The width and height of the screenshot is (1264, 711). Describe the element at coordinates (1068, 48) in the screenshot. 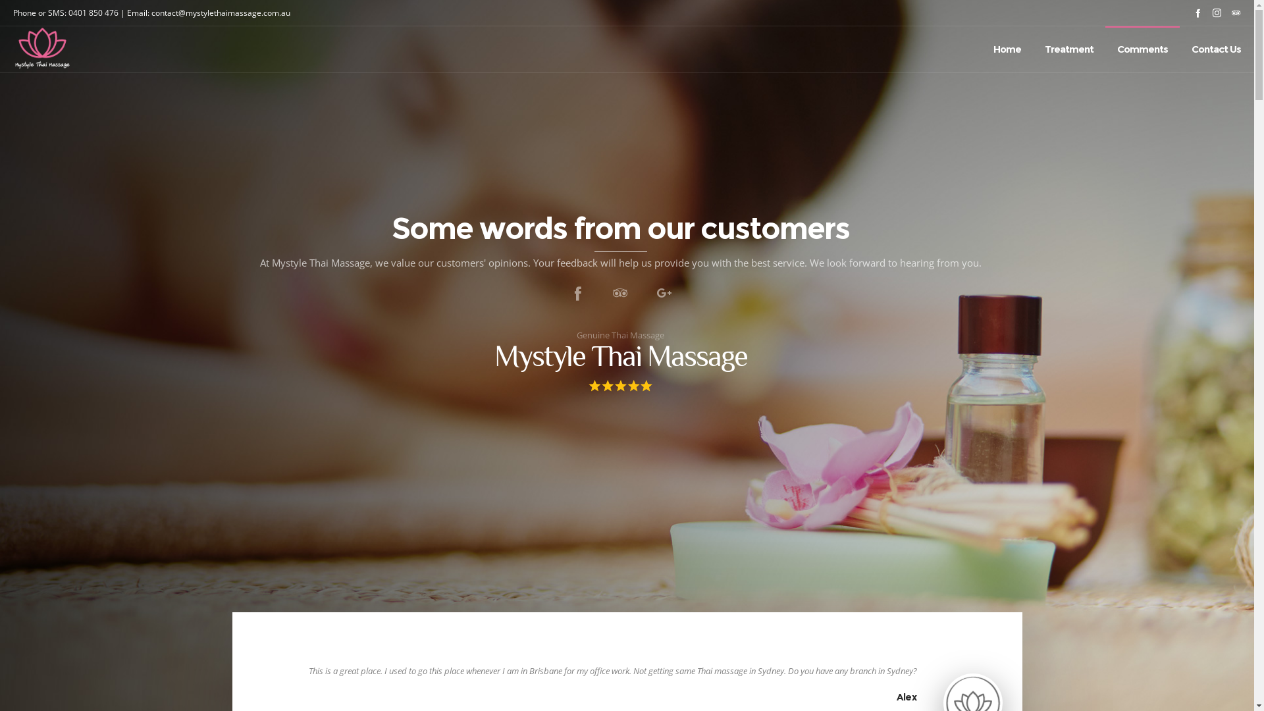

I see `'Treatment'` at that location.